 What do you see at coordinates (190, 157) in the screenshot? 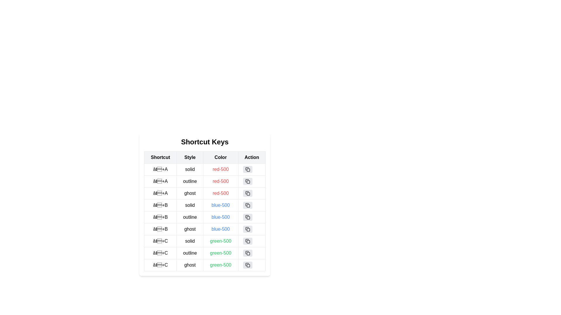
I see `the second column header of the table that organizes data related to shortcuts, which is positioned between the 'Shortcut' and 'Color' headers` at bounding box center [190, 157].